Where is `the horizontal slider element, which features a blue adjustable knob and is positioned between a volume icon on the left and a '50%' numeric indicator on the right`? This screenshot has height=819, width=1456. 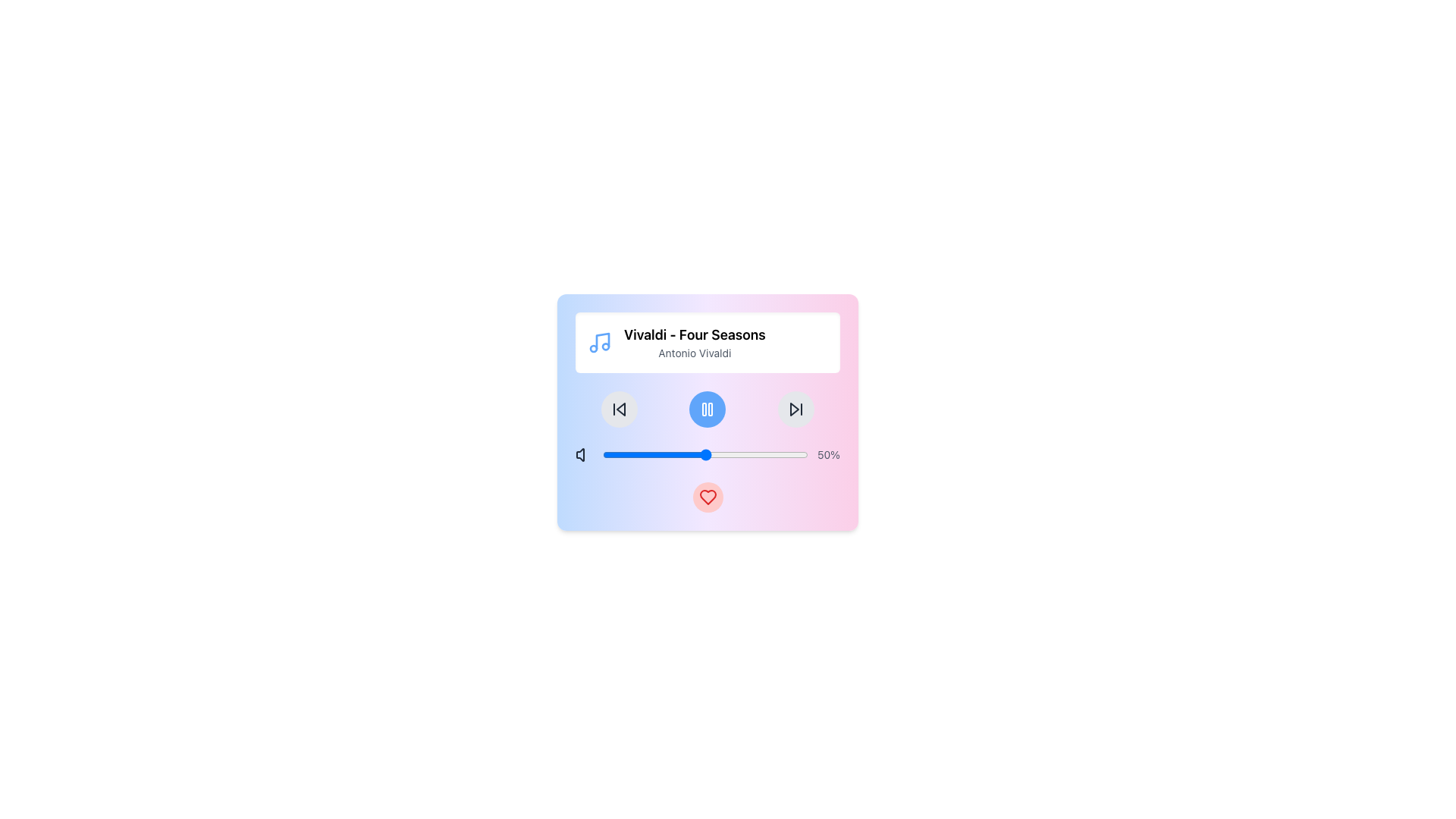 the horizontal slider element, which features a blue adjustable knob and is positioned between a volume icon on the left and a '50%' numeric indicator on the right is located at coordinates (707, 454).